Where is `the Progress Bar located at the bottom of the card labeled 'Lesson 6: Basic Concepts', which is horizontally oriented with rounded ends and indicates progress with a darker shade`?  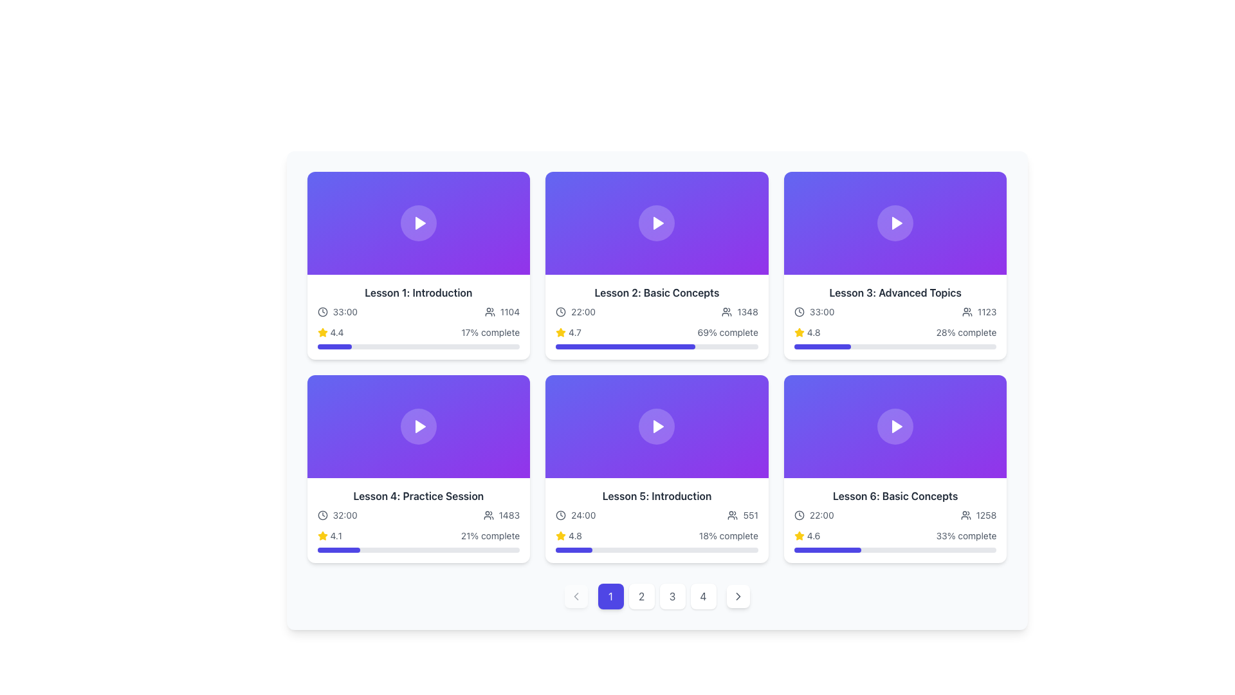 the Progress Bar located at the bottom of the card labeled 'Lesson 6: Basic Concepts', which is horizontally oriented with rounded ends and indicates progress with a darker shade is located at coordinates (827, 550).